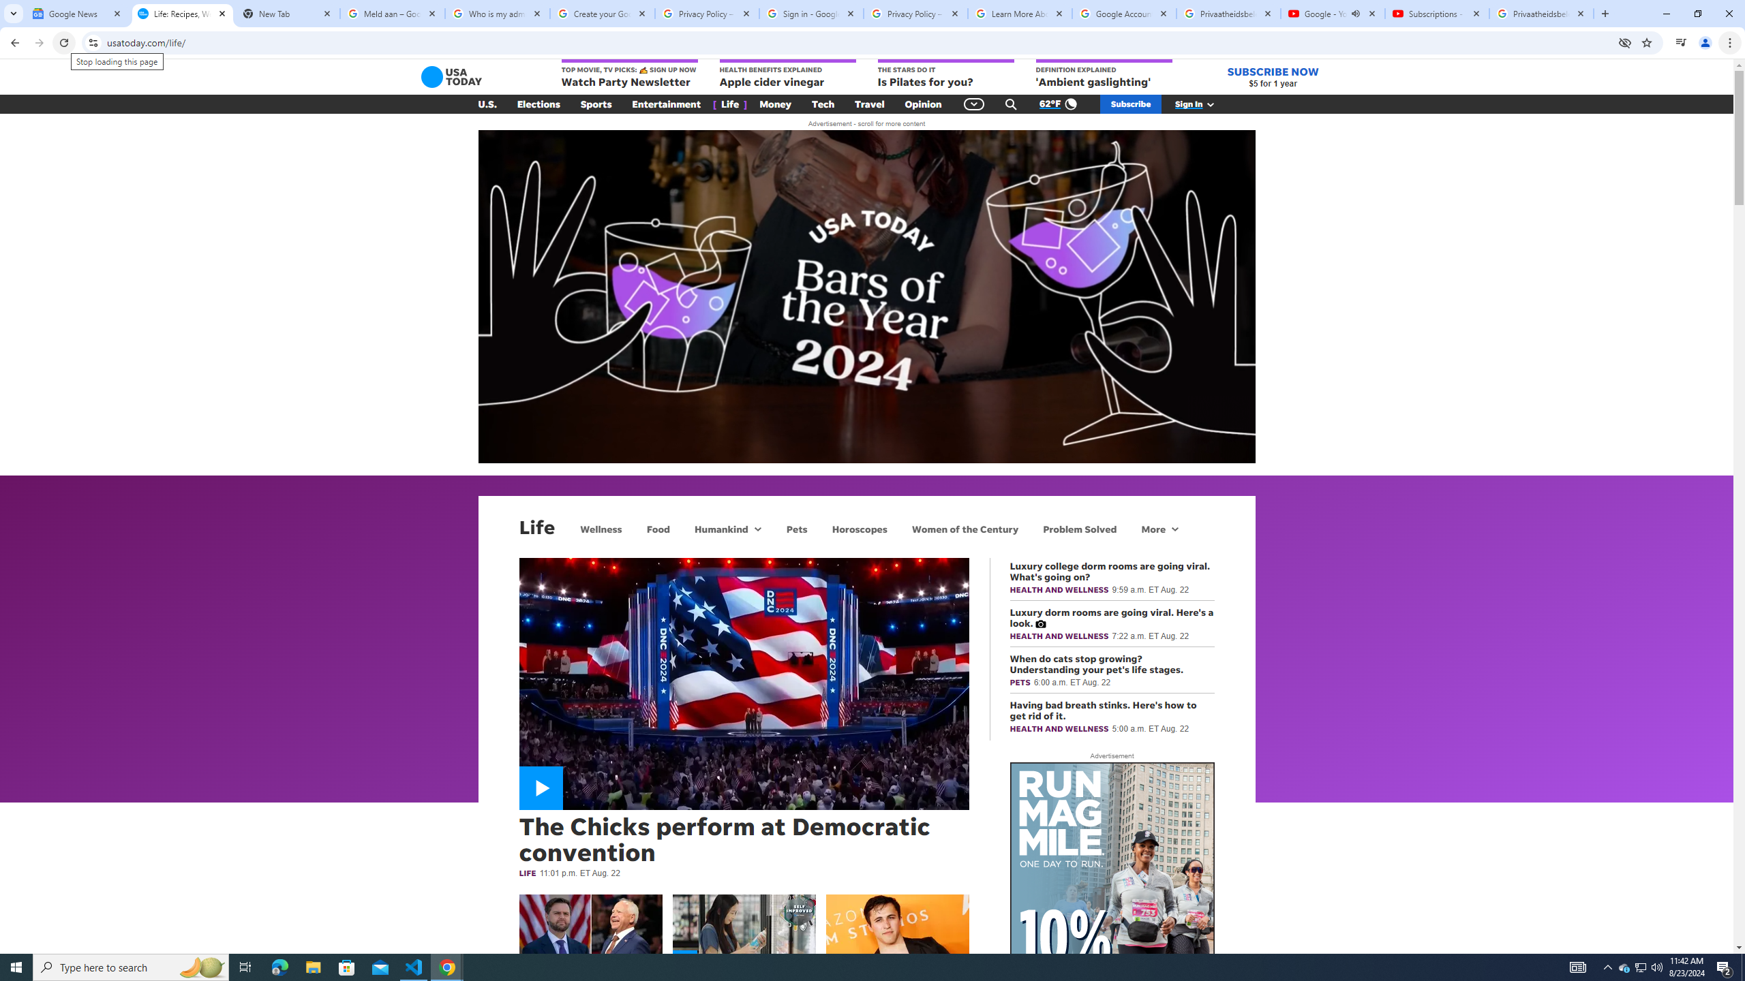  I want to click on 'Humankind', so click(719, 528).